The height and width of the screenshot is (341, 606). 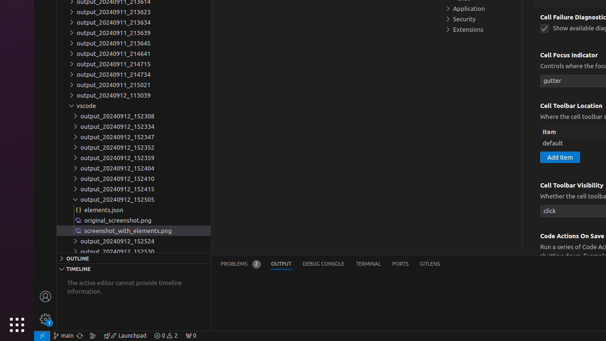 I want to click on 'output_20240912_152505', so click(x=133, y=198).